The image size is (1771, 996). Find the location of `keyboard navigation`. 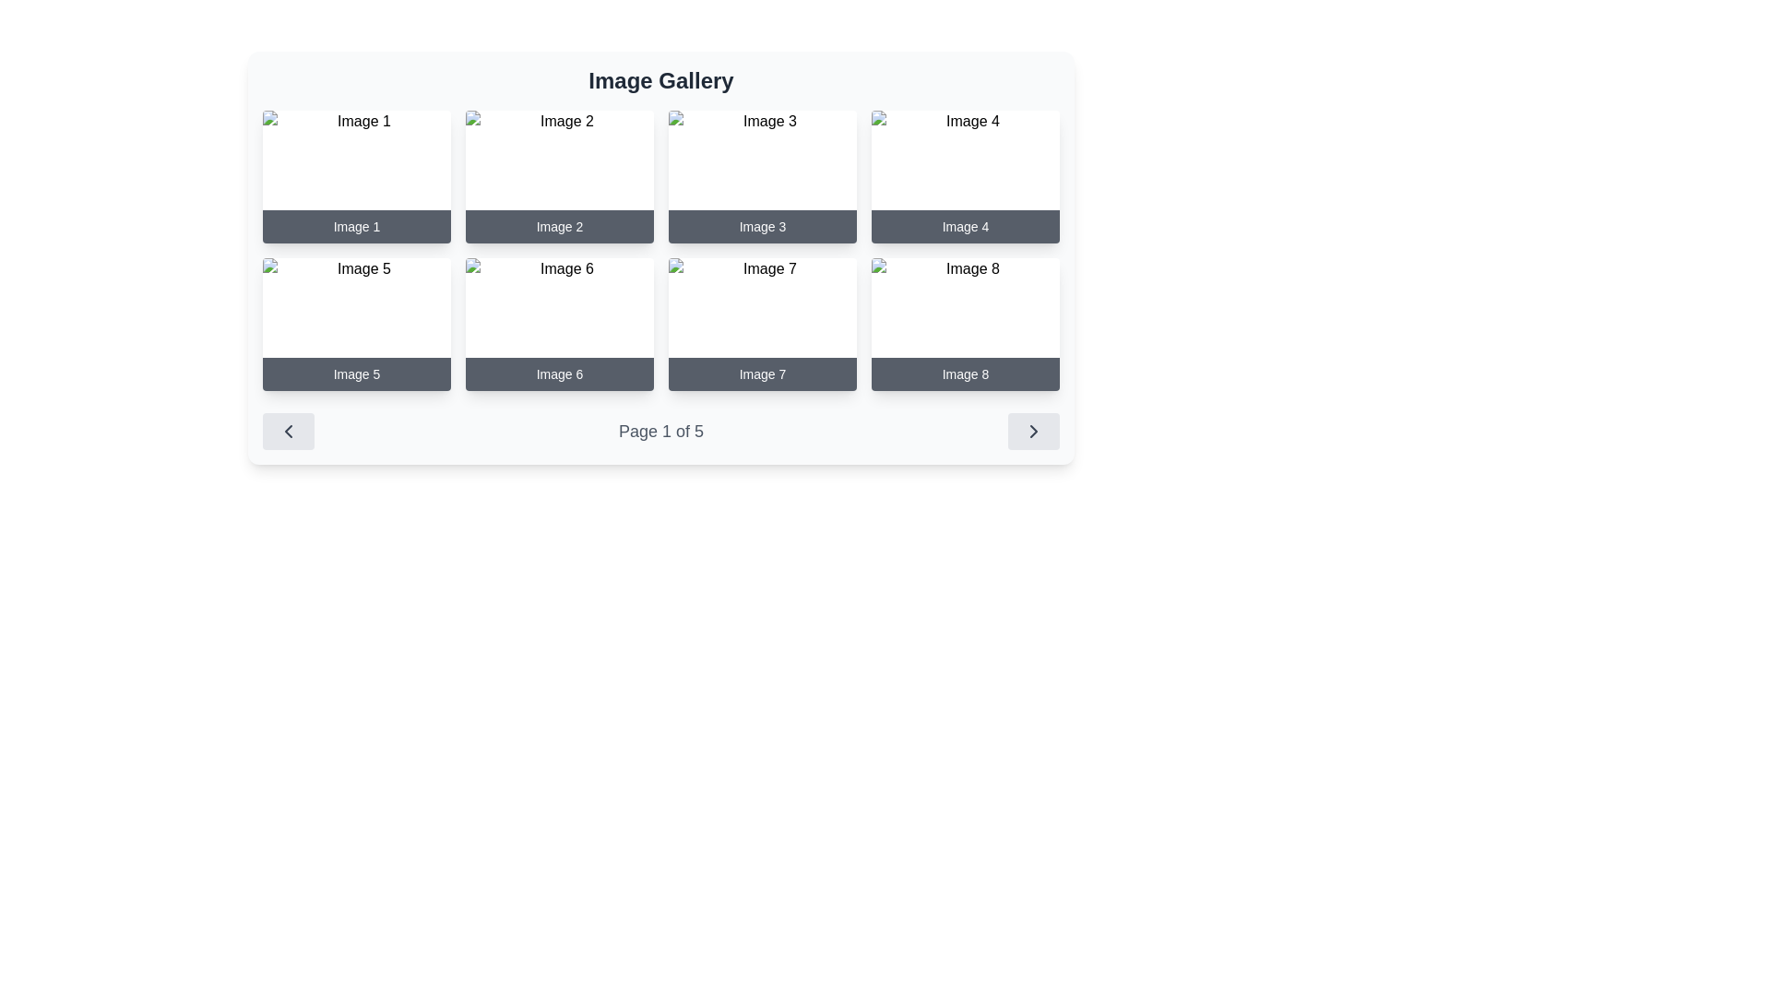

keyboard navigation is located at coordinates (558, 177).